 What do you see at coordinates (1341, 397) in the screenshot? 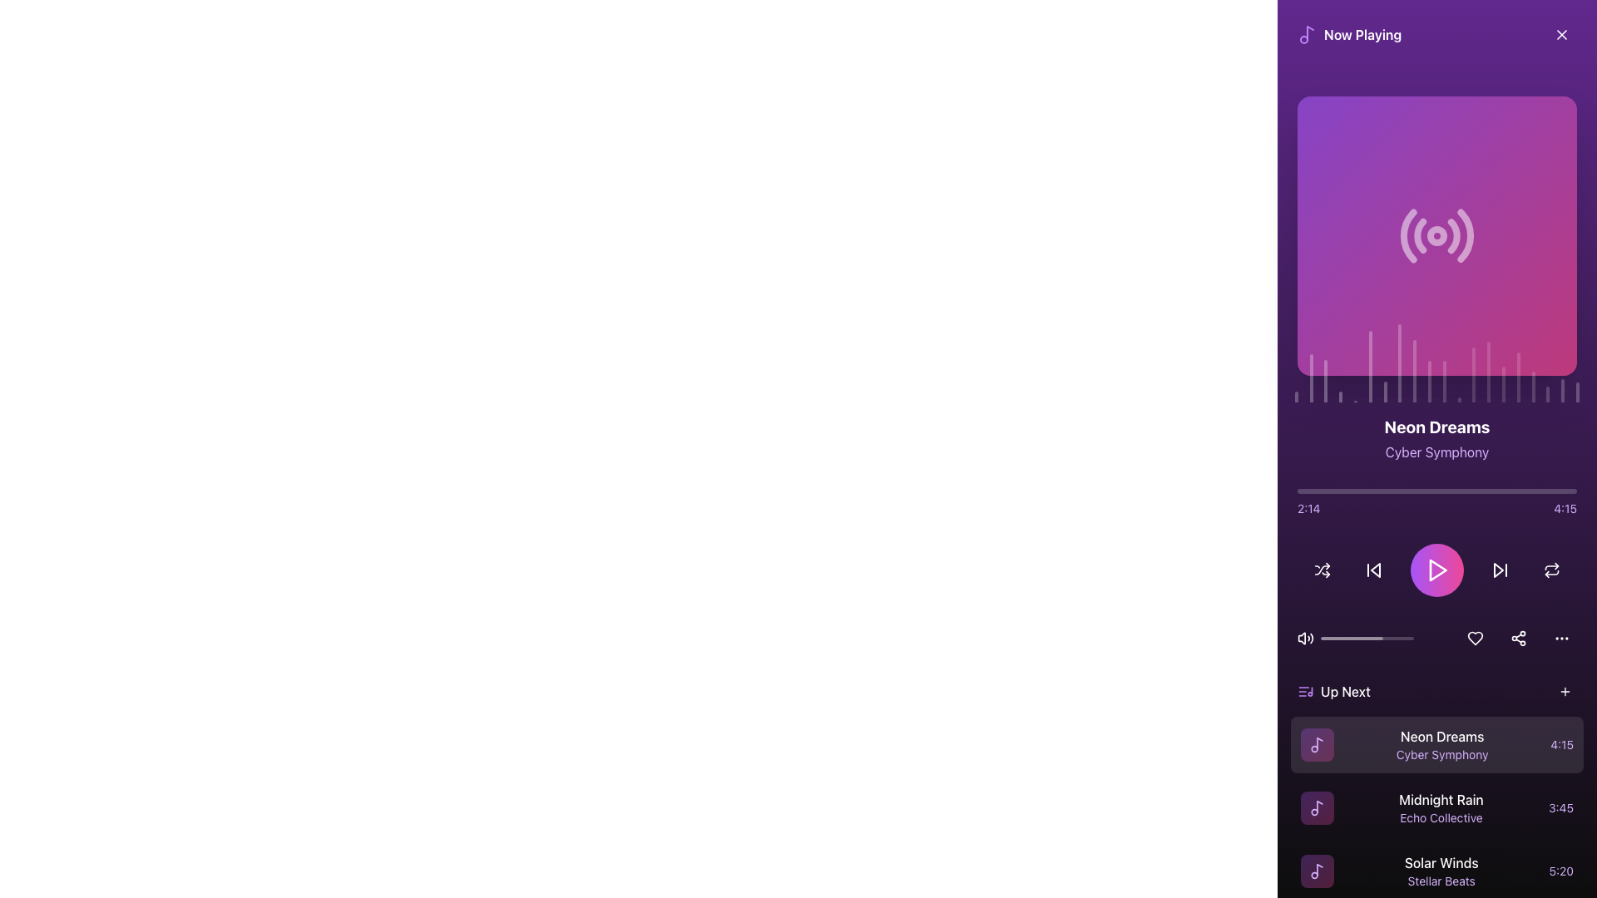
I see `the fourth vertical bar from the left in the equalizer component, which is a semi-transparent white bar with a rounded top, located beneath the album artwork` at bounding box center [1341, 397].